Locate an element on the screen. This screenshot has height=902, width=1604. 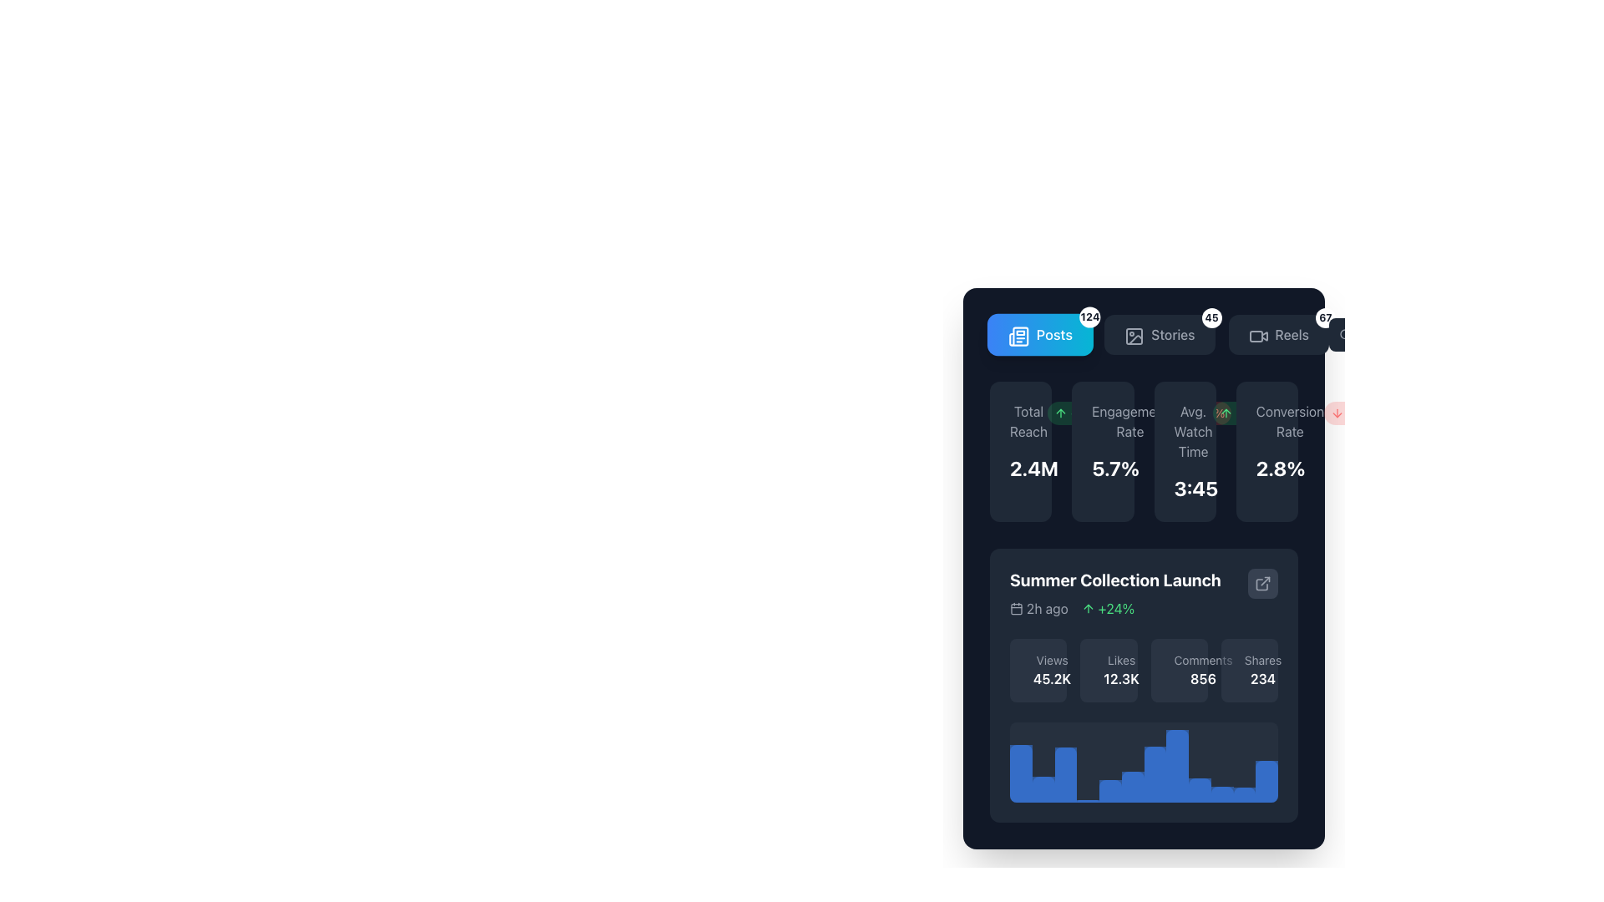
first bar in the bar chart of the 'Summer Collection Launch' card by clicking on it is located at coordinates (1020, 773).